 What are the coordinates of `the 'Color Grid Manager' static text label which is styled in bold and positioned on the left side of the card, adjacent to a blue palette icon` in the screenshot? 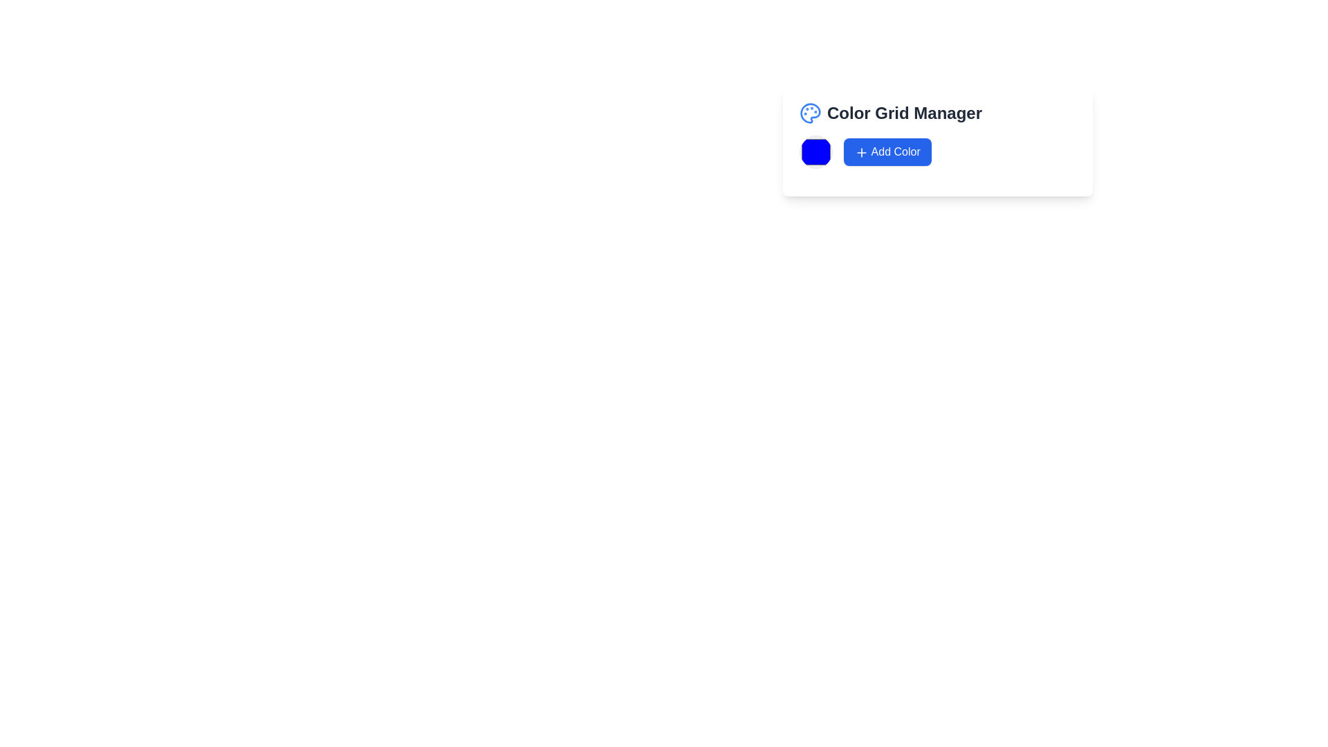 It's located at (938, 113).